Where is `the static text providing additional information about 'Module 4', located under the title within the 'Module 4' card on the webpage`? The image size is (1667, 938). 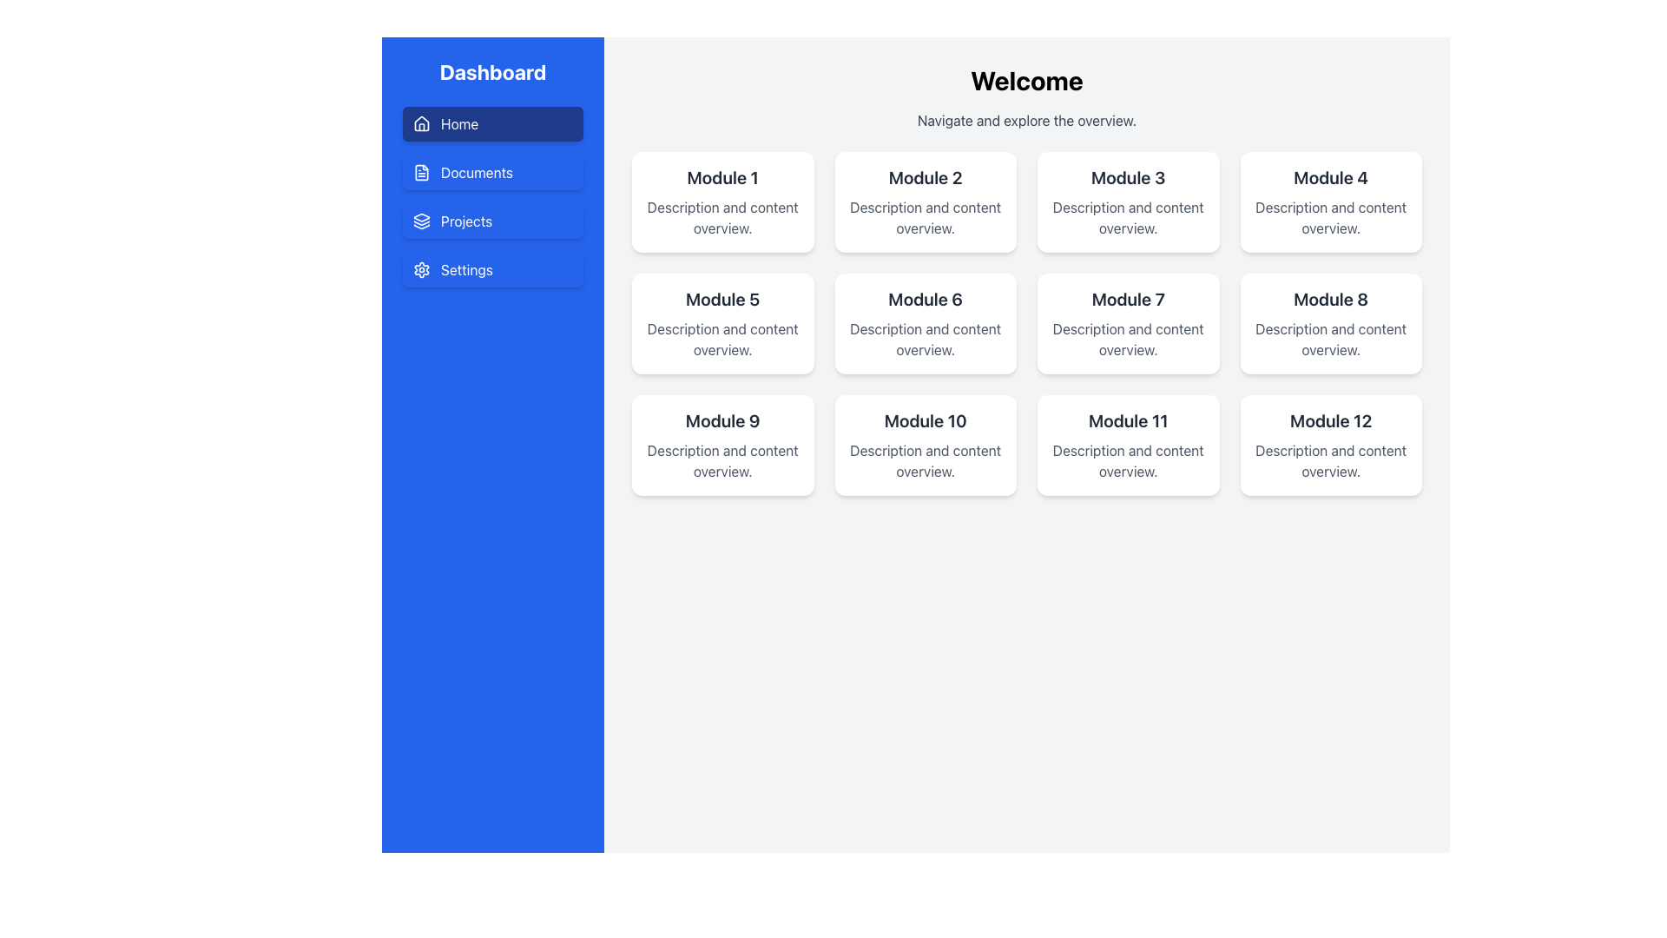
the static text providing additional information about 'Module 4', located under the title within the 'Module 4' card on the webpage is located at coordinates (1330, 216).